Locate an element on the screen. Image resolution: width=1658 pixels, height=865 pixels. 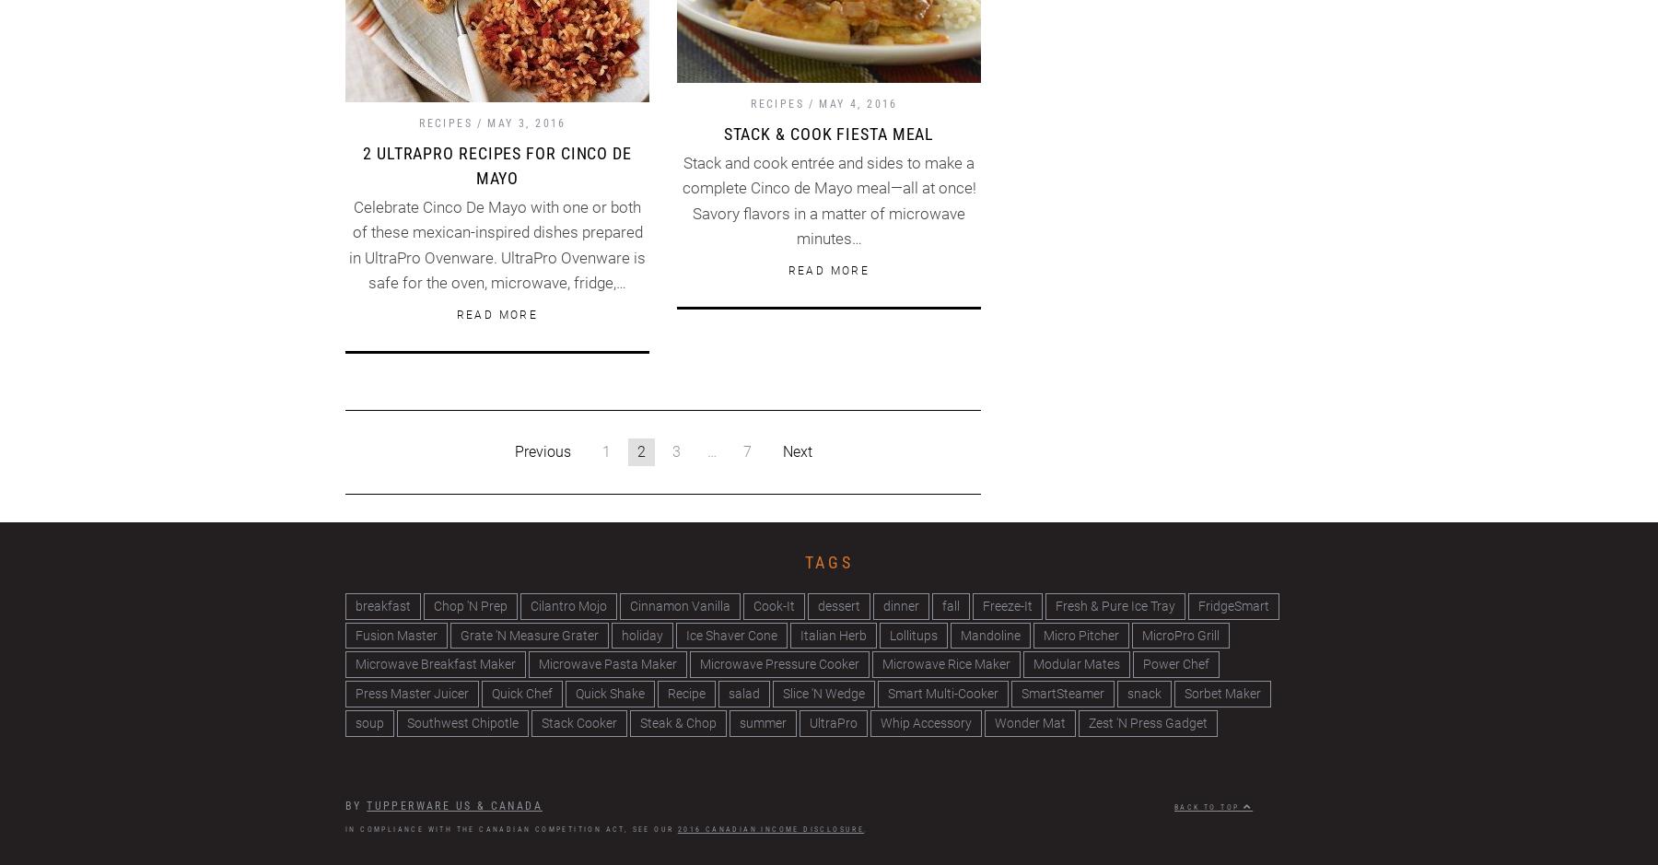
'holiday' is located at coordinates (641, 634).